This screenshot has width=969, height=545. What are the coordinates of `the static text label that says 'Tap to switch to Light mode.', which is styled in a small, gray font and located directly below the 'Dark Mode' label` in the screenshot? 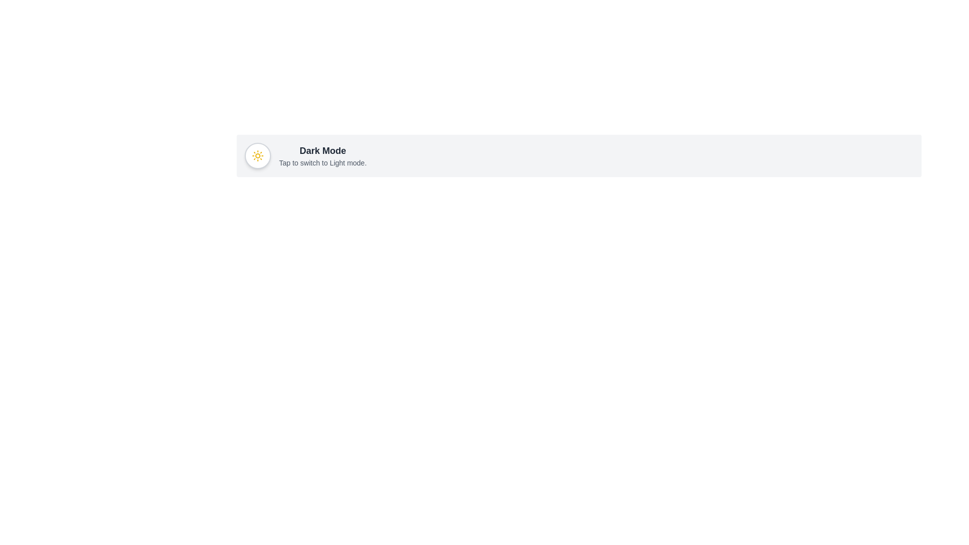 It's located at (322, 162).